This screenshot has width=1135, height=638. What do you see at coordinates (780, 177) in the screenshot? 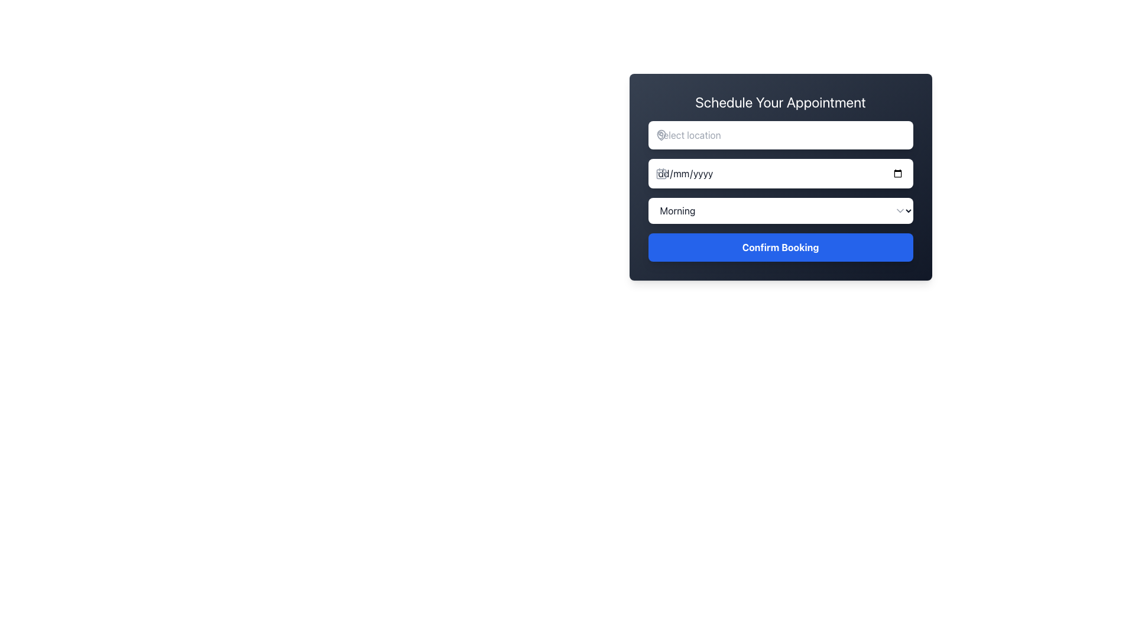
I see `a date from the calendar by clicking on the text input field with placeholder 'dd/mm/yyyy' and a calendar icon, which is the second input field in the vertical sequence` at bounding box center [780, 177].